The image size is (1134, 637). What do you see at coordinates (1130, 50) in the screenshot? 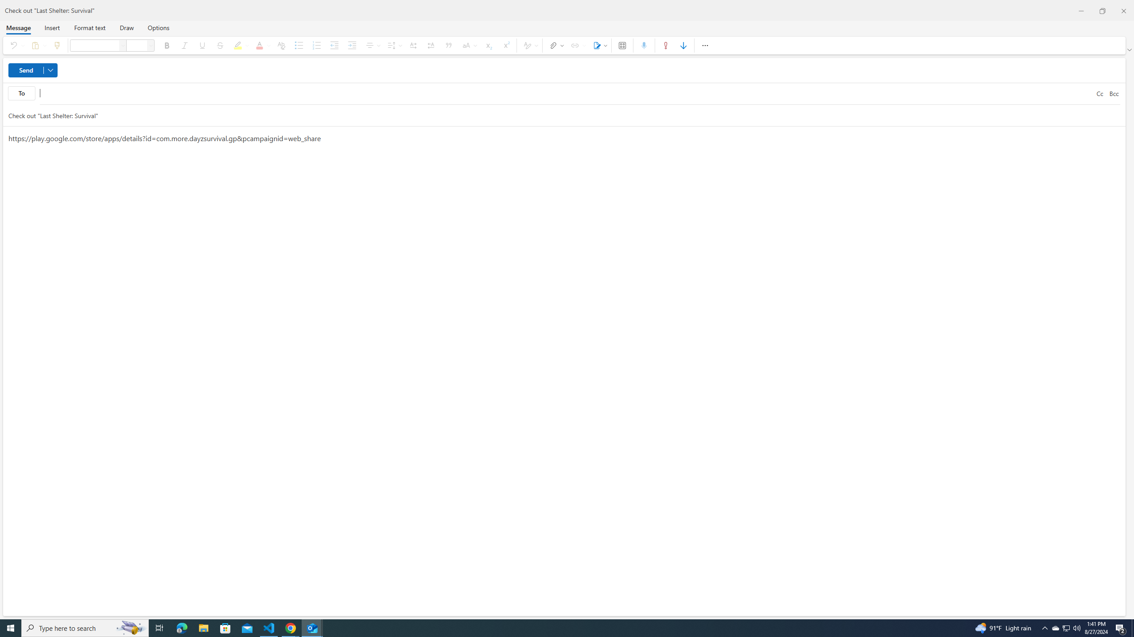
I see `'Ribbon display options'` at bounding box center [1130, 50].